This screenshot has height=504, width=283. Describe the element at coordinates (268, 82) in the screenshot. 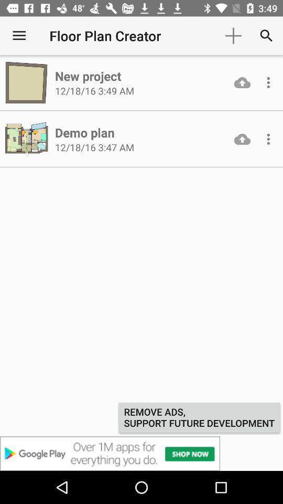

I see `a link to options` at that location.